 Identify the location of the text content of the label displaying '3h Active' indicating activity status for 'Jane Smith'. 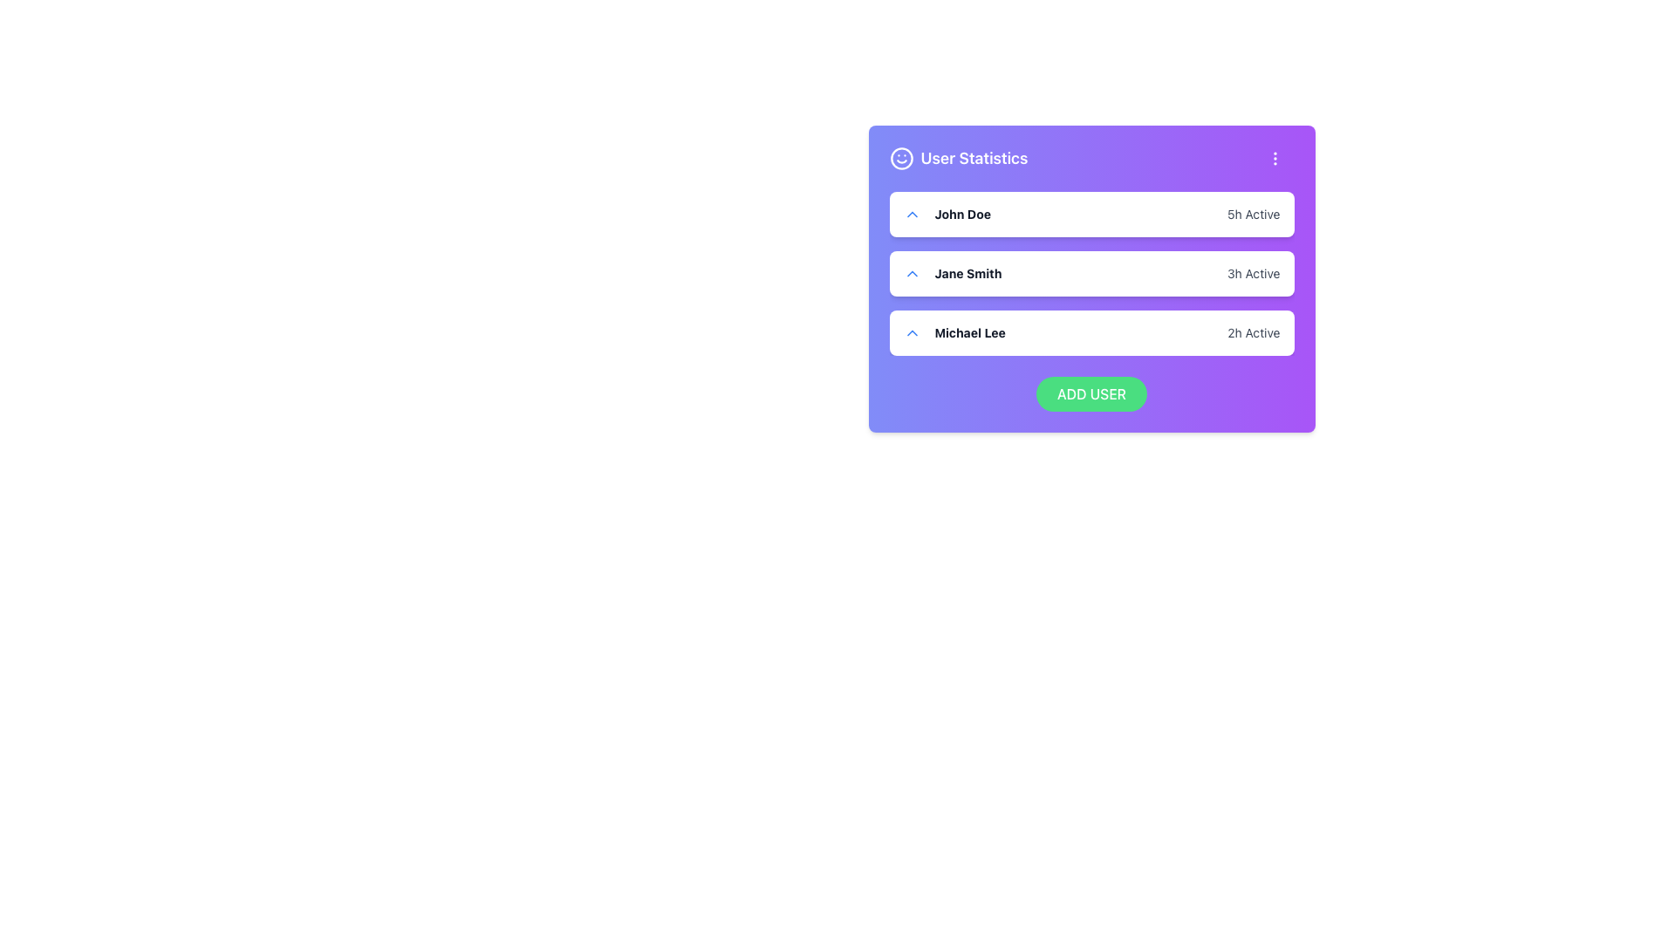
(1253, 273).